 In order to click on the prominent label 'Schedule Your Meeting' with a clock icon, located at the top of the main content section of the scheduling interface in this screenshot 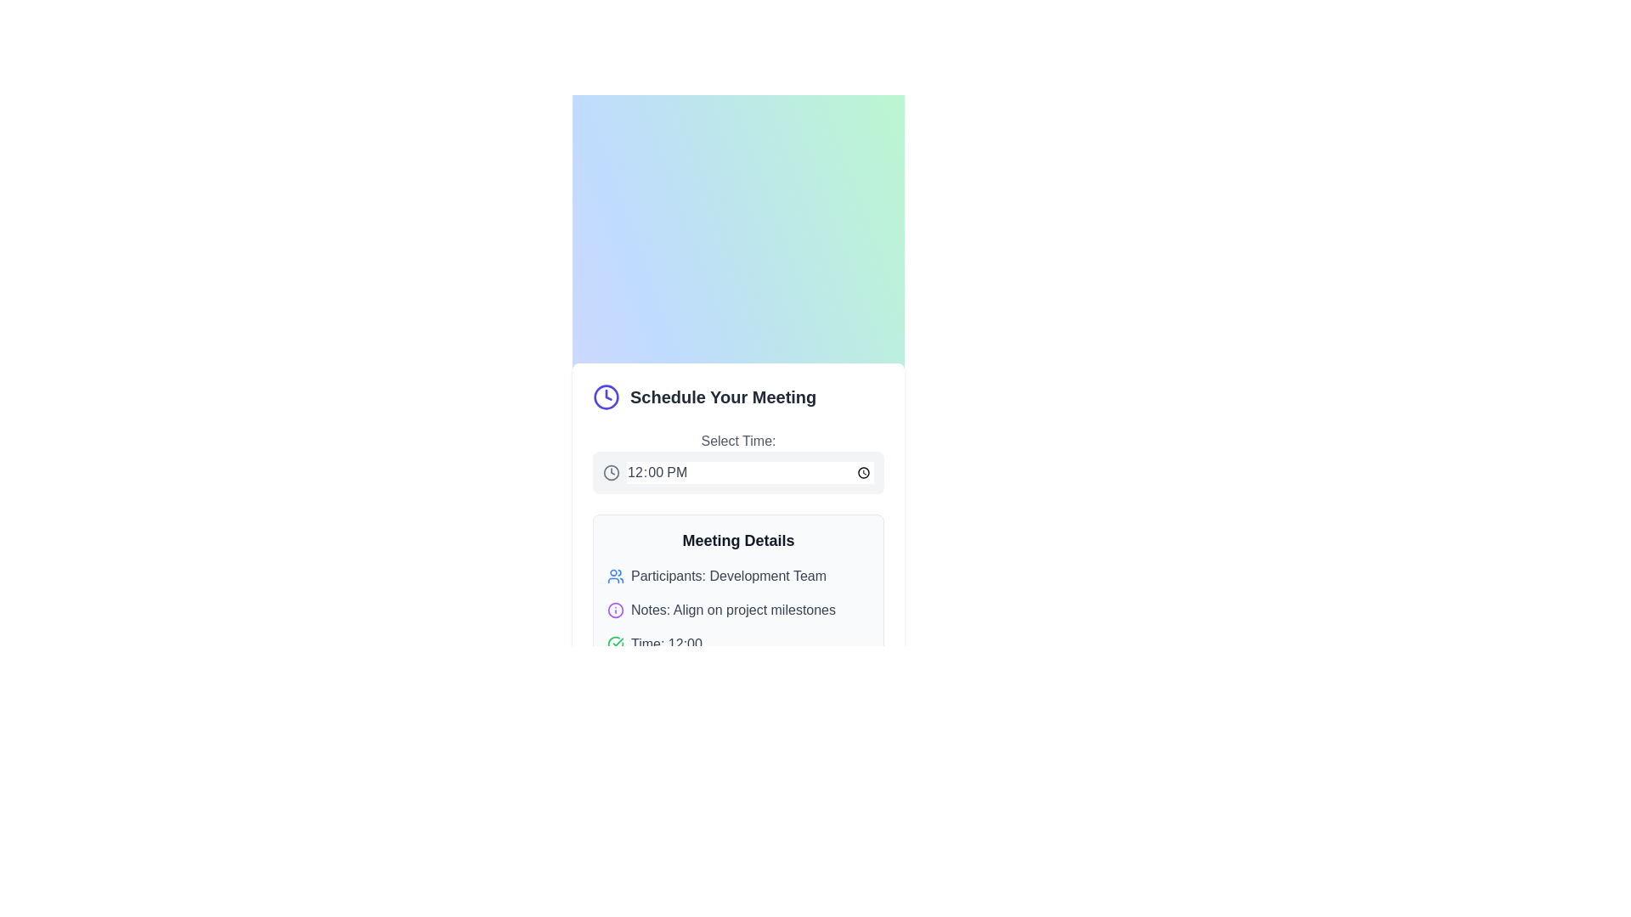, I will do `click(738, 397)`.